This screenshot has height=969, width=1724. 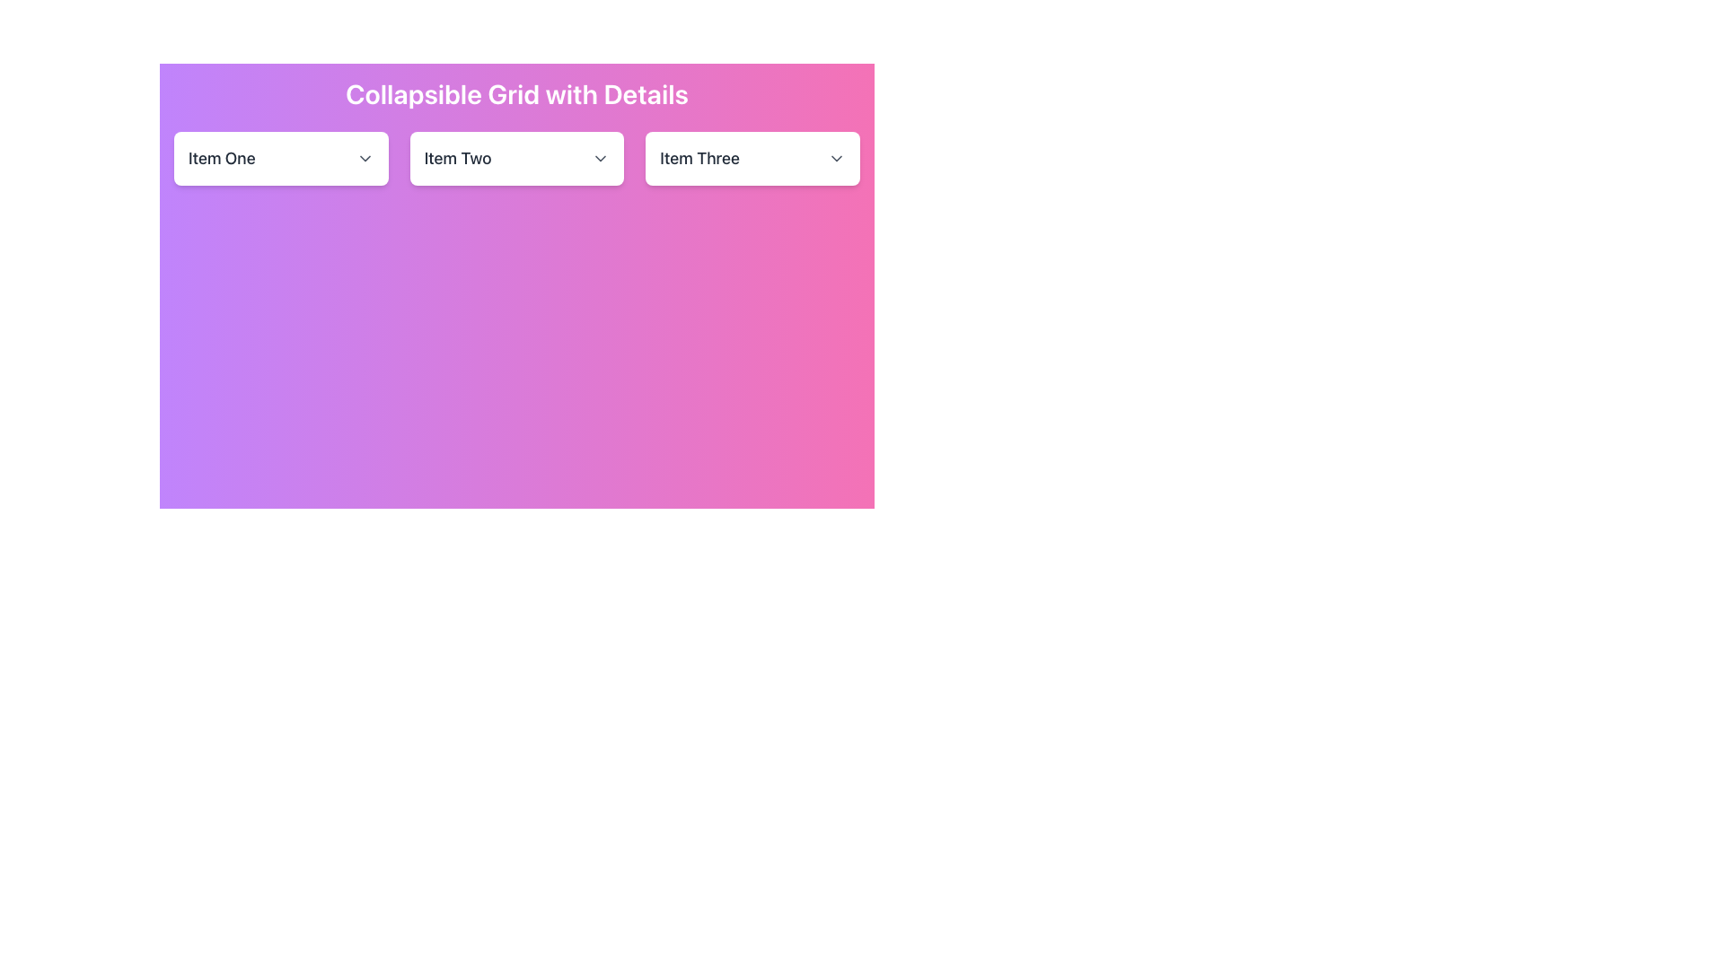 What do you see at coordinates (752, 158) in the screenshot?
I see `the dropdown menu labeled 'Item Three'` at bounding box center [752, 158].